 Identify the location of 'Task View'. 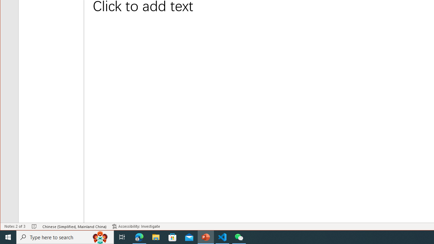
(122, 237).